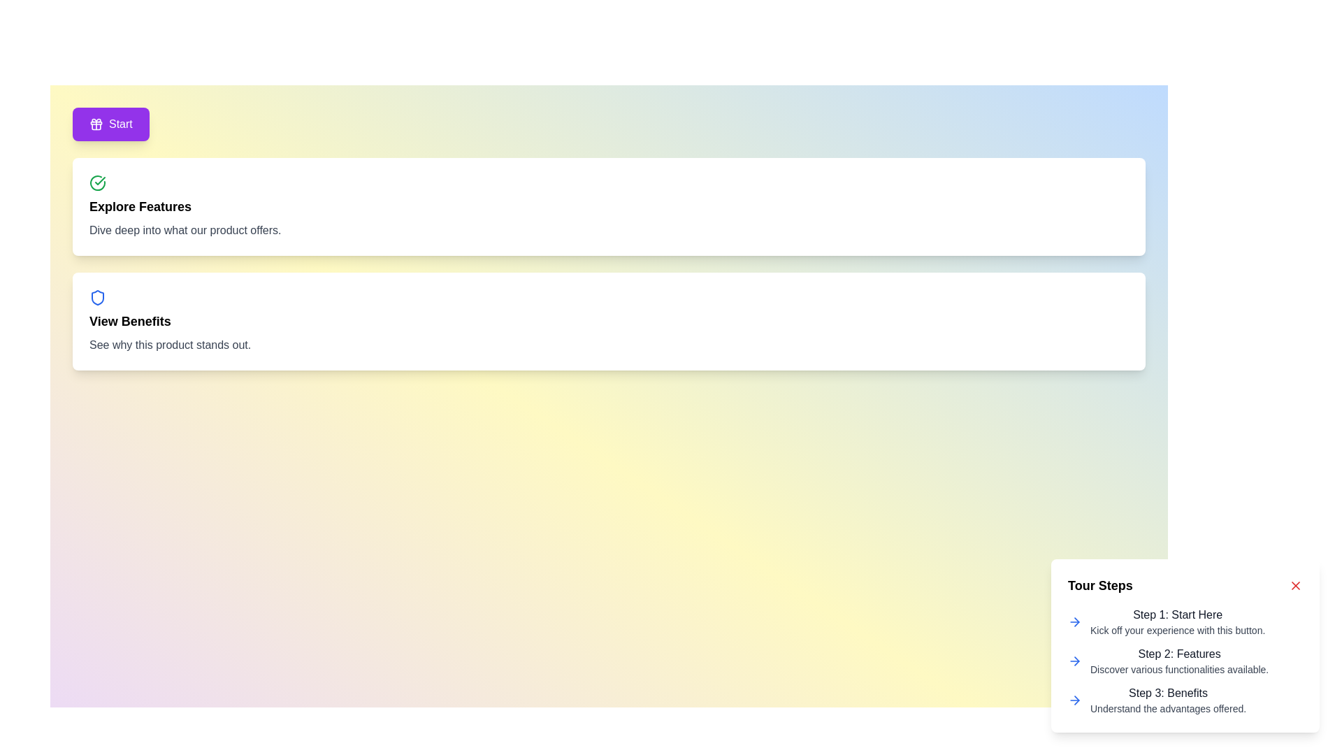  I want to click on text content of the label inside the purple button located in the top-left area of the interface, positioned to the right of a gift-shaped icon, so click(120, 123).